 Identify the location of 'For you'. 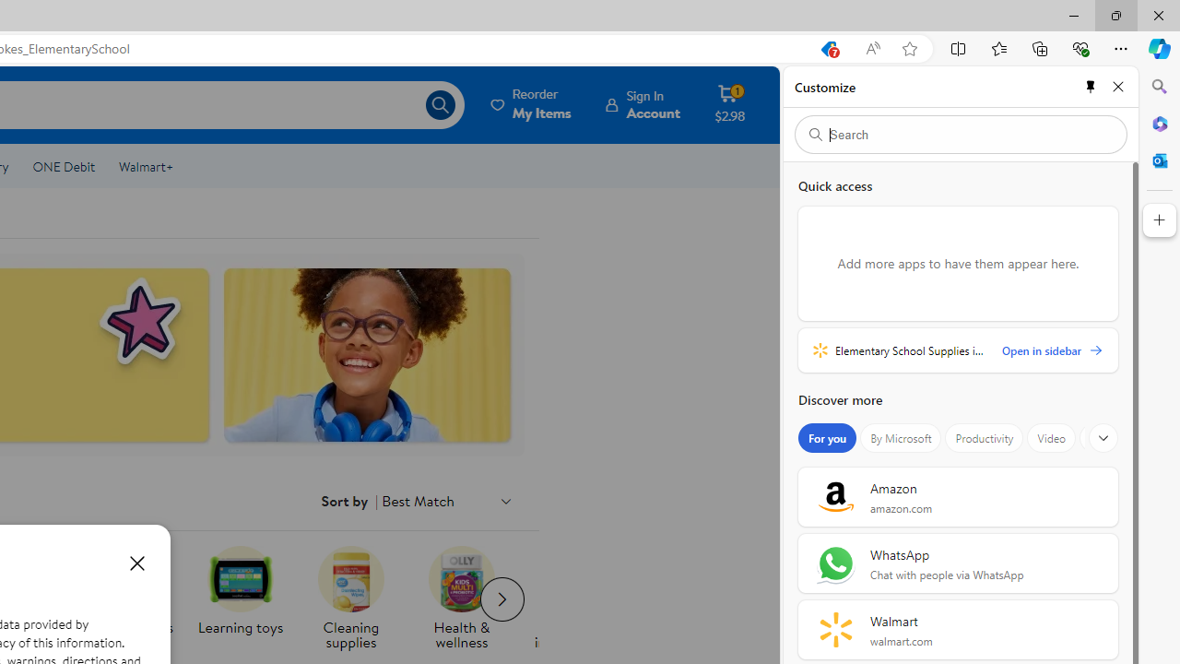
(827, 438).